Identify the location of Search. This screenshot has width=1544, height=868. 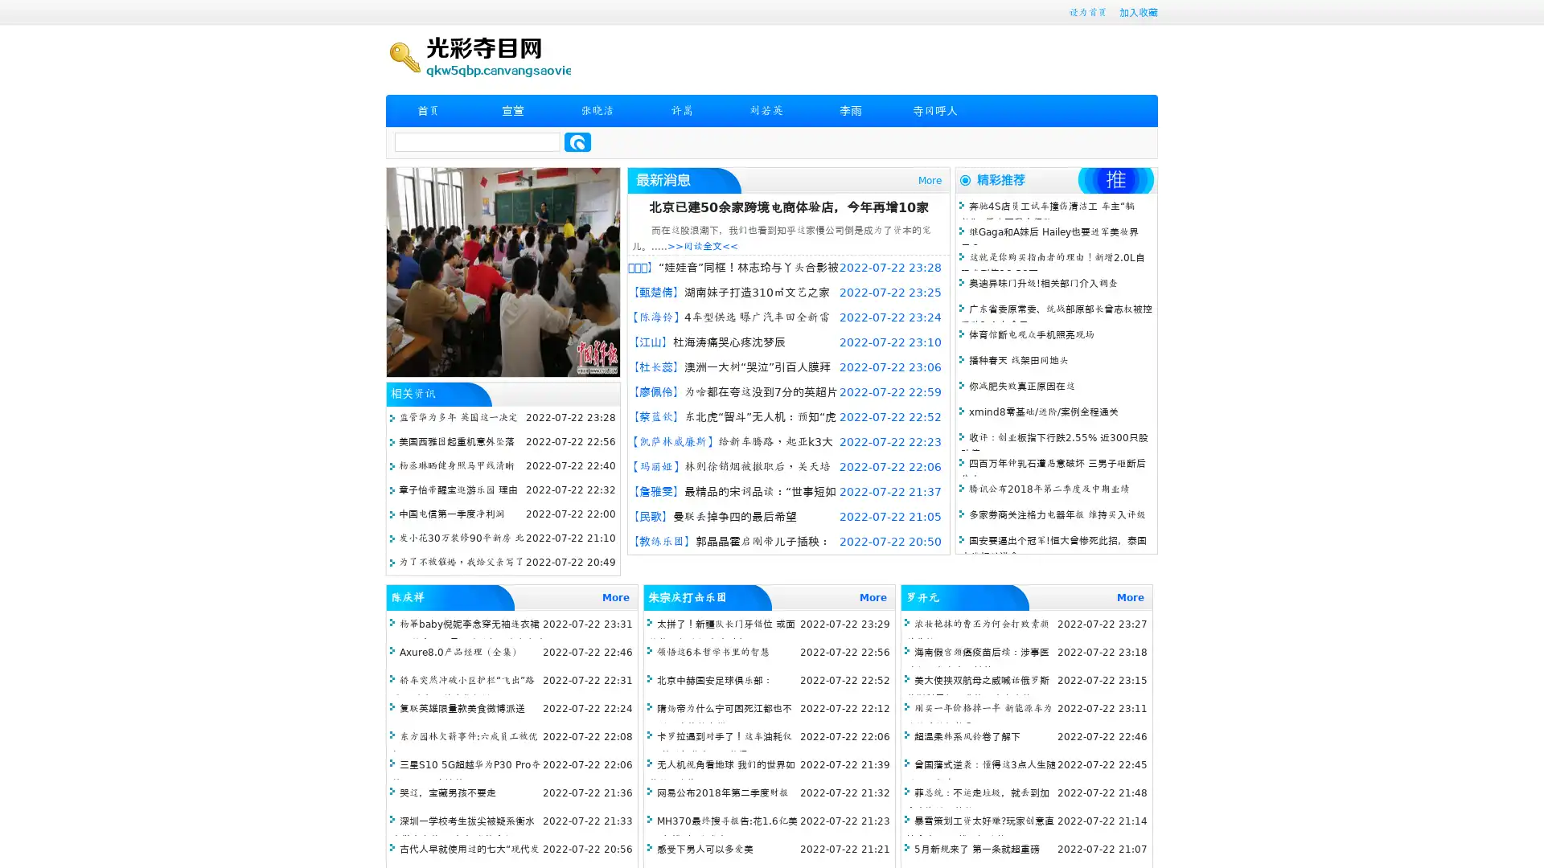
(577, 141).